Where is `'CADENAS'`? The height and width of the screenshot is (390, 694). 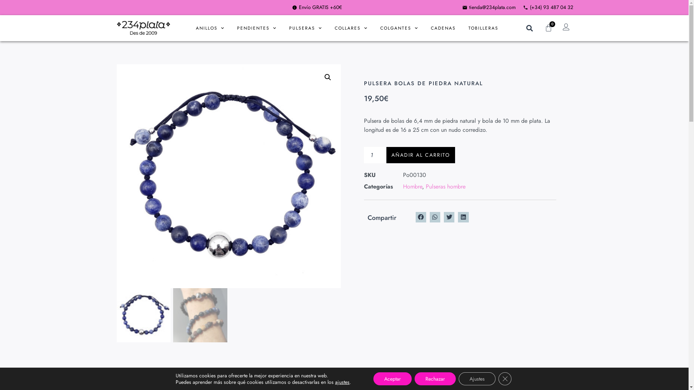
'CADENAS' is located at coordinates (443, 27).